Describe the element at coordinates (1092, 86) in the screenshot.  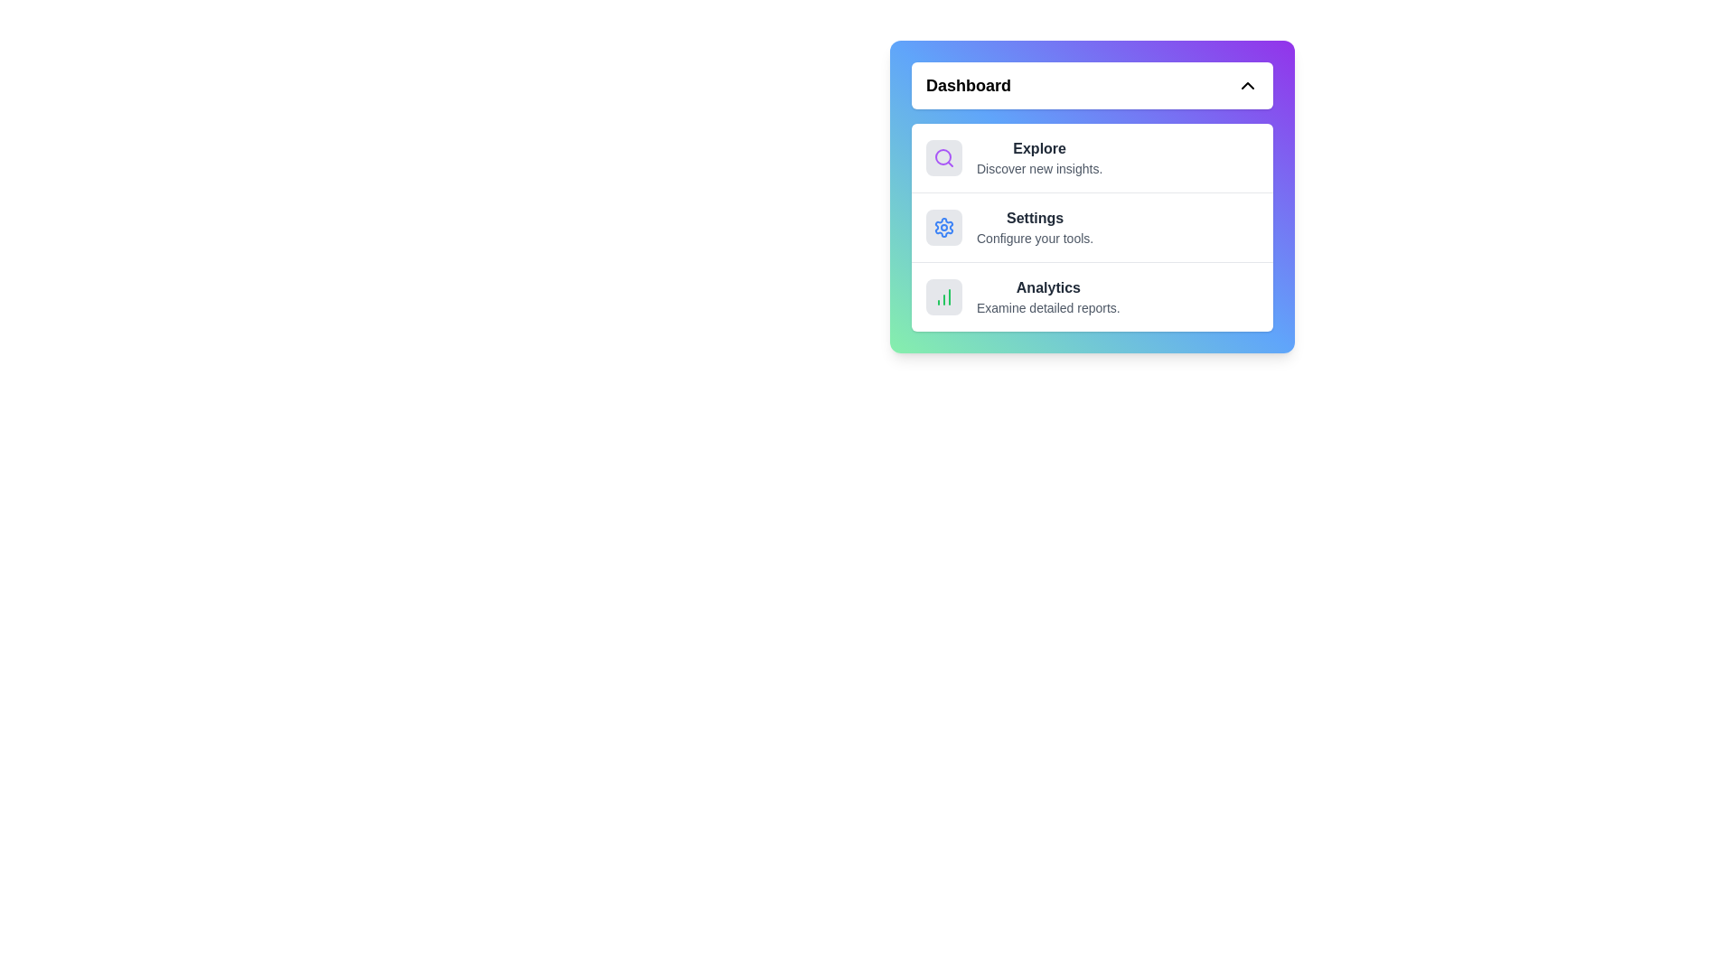
I see `the 'Dashboard' button to toggle the menu visibility` at that location.